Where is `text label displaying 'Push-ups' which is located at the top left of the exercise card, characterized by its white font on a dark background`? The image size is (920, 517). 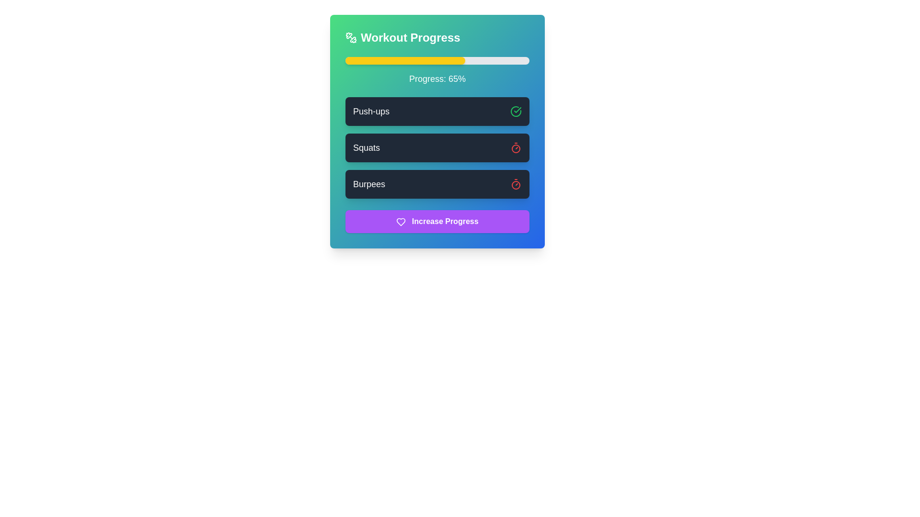
text label displaying 'Push-ups' which is located at the top left of the exercise card, characterized by its white font on a dark background is located at coordinates (371, 111).